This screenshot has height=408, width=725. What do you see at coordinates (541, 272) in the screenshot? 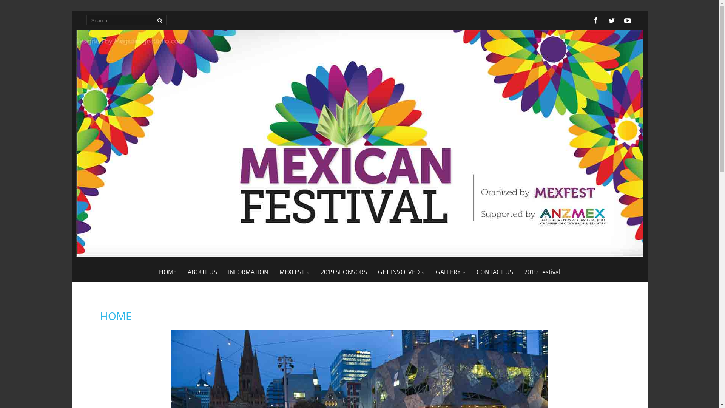
I see `'2019 Festival'` at bounding box center [541, 272].